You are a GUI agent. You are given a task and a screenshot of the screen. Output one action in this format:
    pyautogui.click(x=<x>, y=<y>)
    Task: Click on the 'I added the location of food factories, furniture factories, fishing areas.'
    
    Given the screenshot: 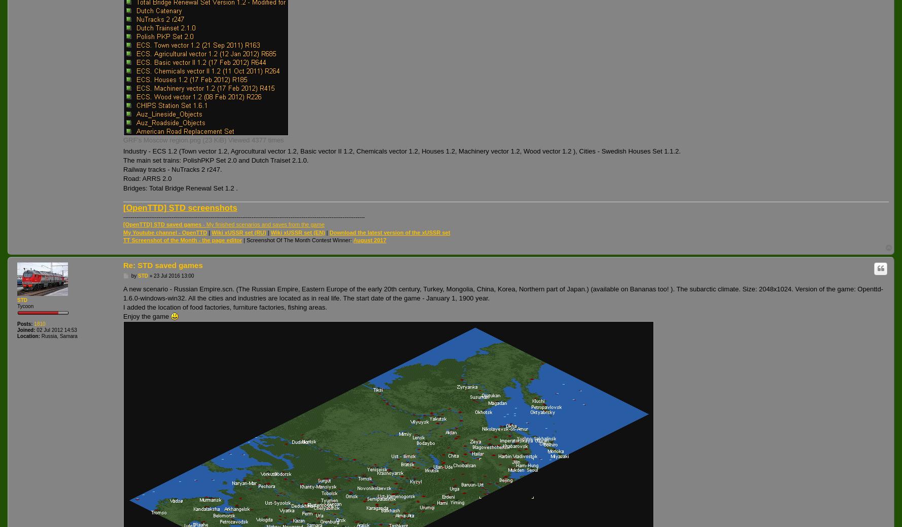 What is the action you would take?
    pyautogui.click(x=225, y=306)
    